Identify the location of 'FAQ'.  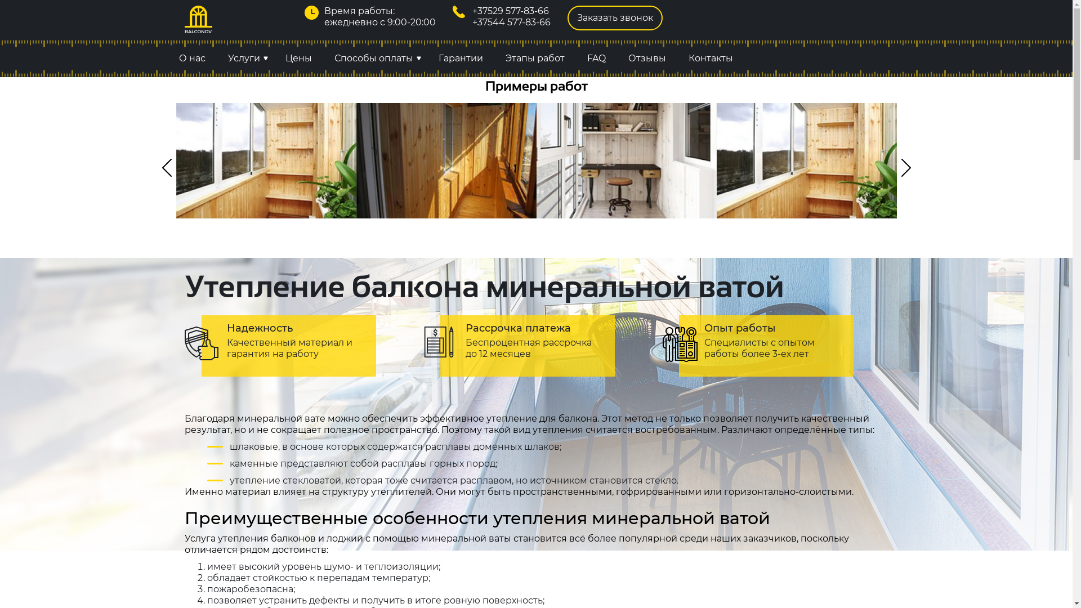
(595, 59).